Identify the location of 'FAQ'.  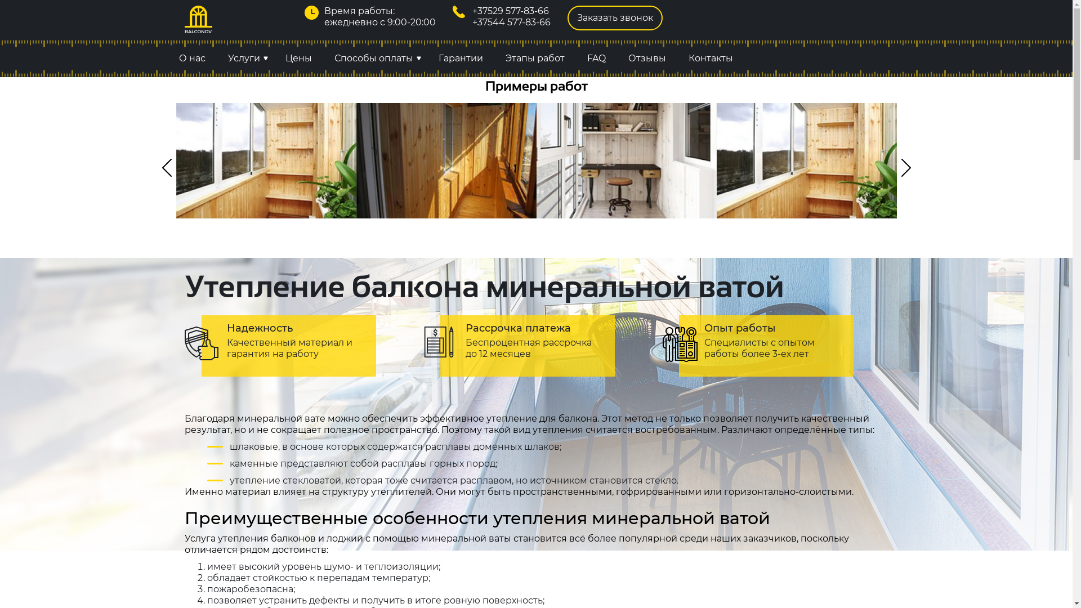
(595, 59).